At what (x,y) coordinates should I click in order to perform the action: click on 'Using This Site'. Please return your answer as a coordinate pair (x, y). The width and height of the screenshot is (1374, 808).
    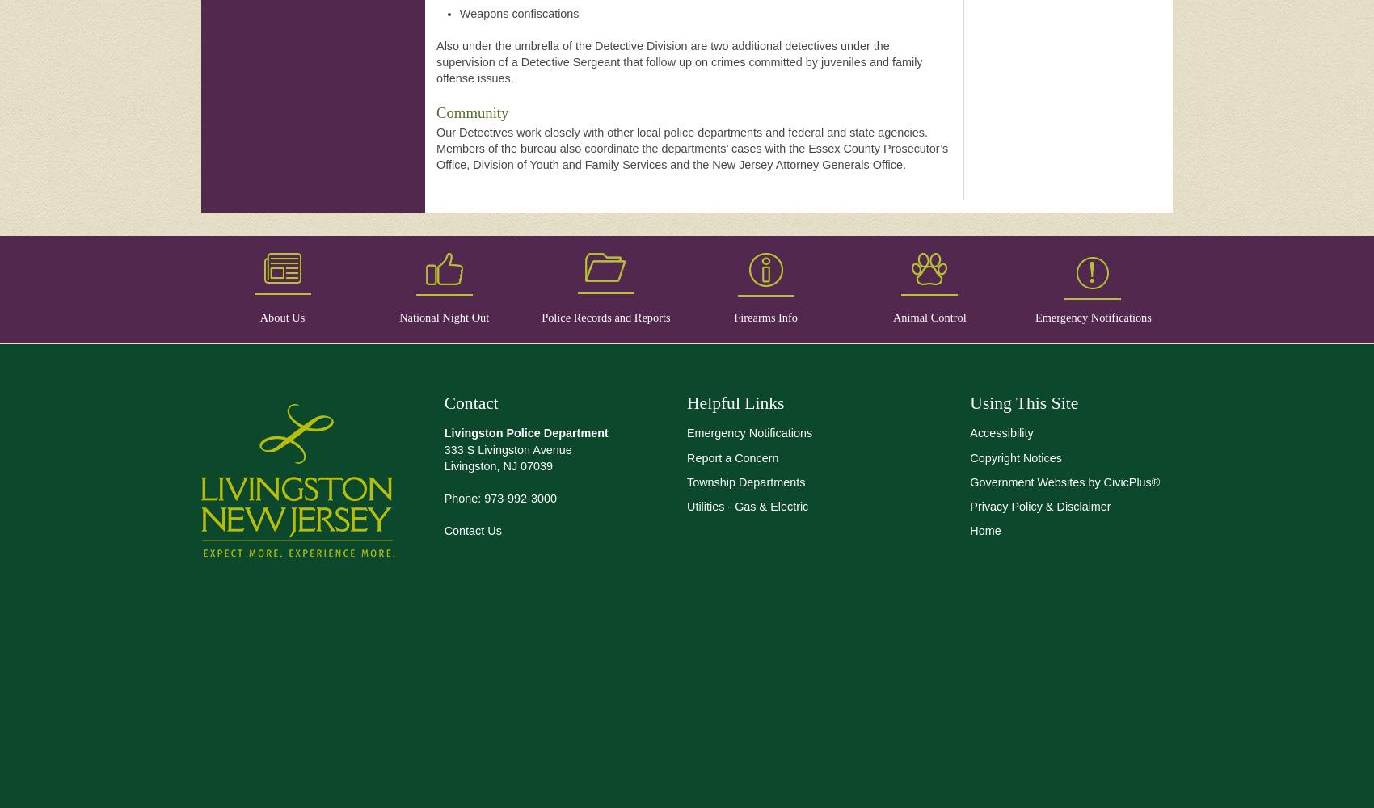
    Looking at the image, I should click on (1023, 402).